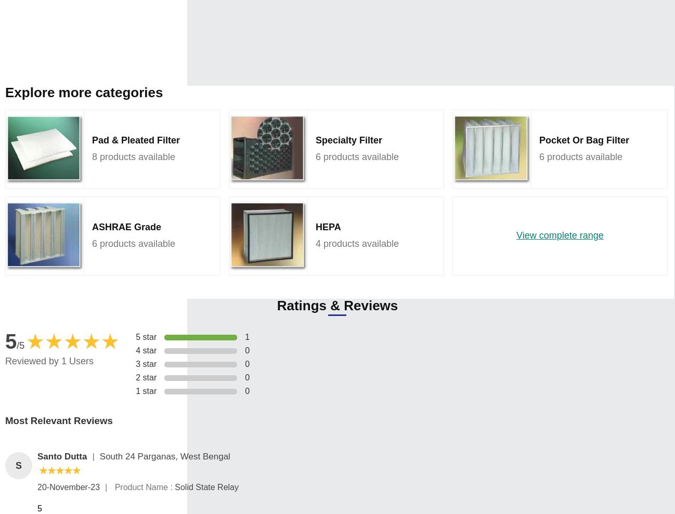 The width and height of the screenshot is (675, 514). I want to click on 'South 24 Parganas, West Bengal', so click(164, 456).